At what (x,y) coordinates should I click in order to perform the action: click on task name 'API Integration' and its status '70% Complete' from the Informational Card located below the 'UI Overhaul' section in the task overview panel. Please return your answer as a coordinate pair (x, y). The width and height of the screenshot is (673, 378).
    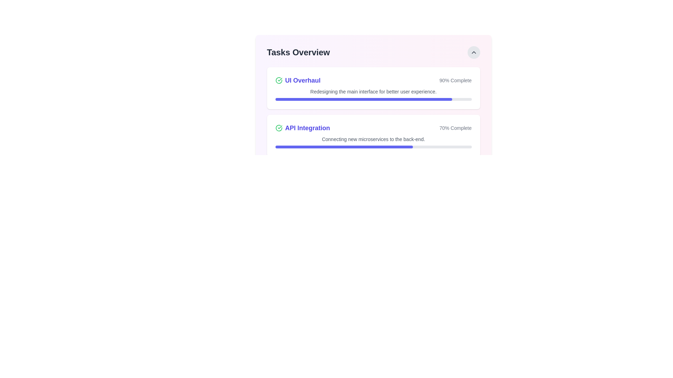
    Looking at the image, I should click on (373, 128).